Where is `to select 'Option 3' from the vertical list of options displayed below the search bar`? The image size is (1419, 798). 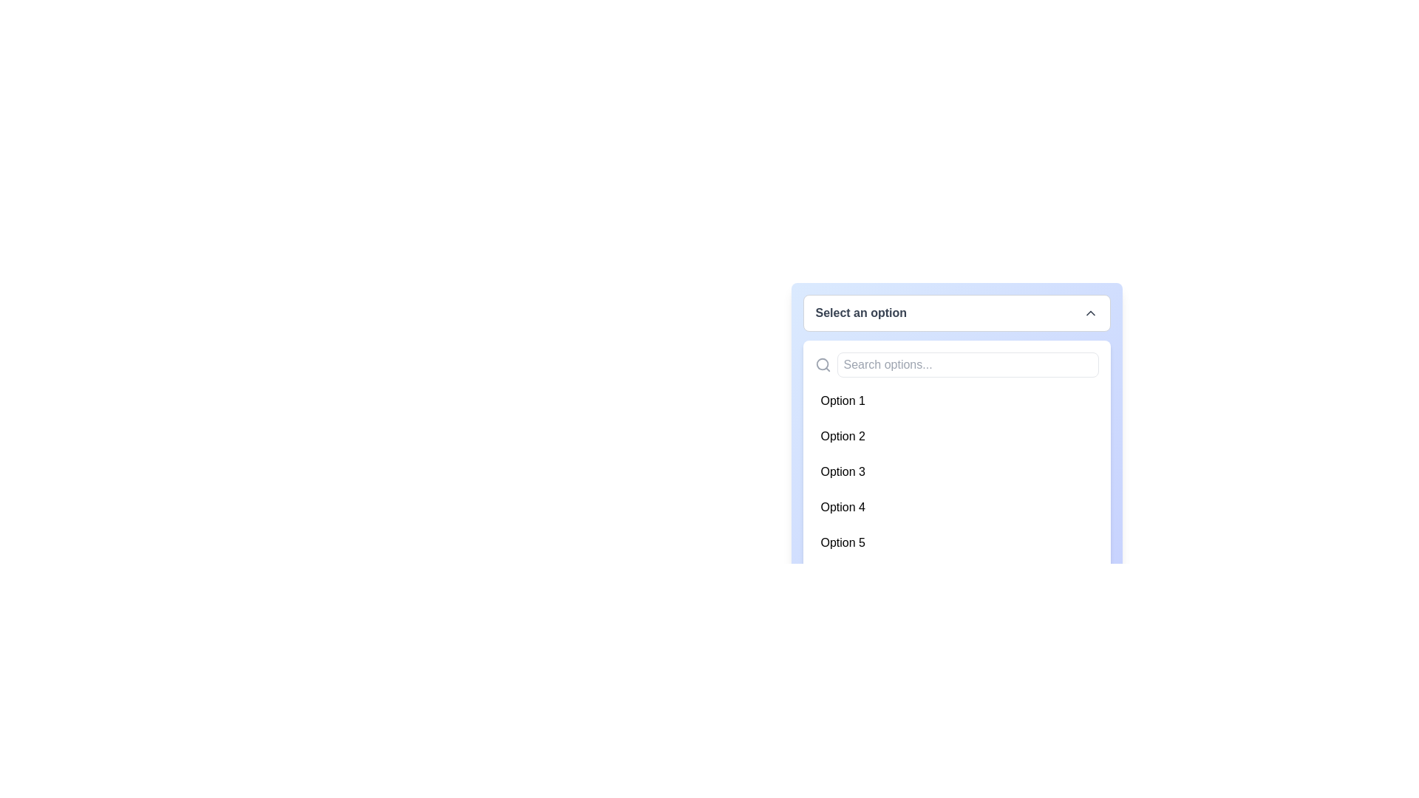 to select 'Option 3' from the vertical list of options displayed below the search bar is located at coordinates (956, 472).